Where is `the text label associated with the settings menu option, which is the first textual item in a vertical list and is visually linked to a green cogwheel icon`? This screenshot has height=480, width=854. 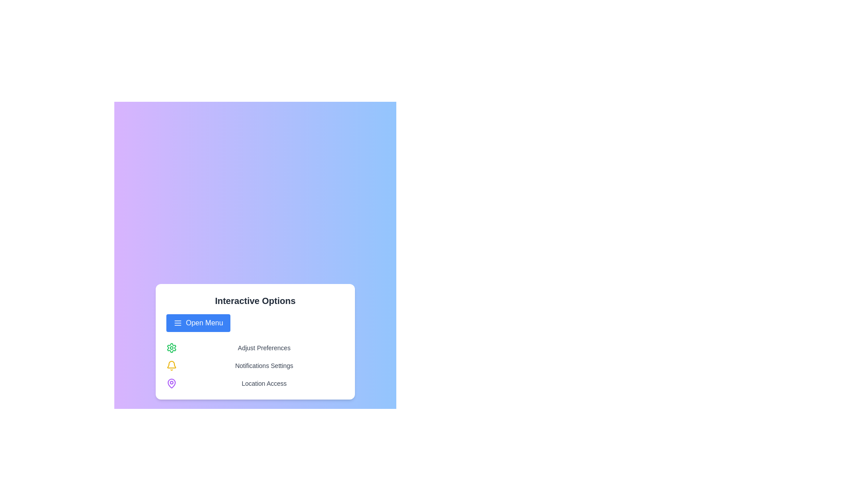 the text label associated with the settings menu option, which is the first textual item in a vertical list and is visually linked to a green cogwheel icon is located at coordinates (264, 348).